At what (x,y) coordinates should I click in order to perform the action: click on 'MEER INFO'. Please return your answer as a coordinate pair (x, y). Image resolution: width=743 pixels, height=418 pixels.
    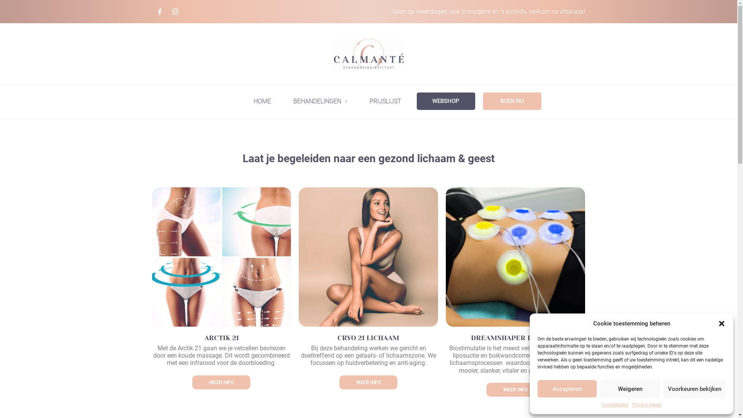
    Looking at the image, I should click on (368, 382).